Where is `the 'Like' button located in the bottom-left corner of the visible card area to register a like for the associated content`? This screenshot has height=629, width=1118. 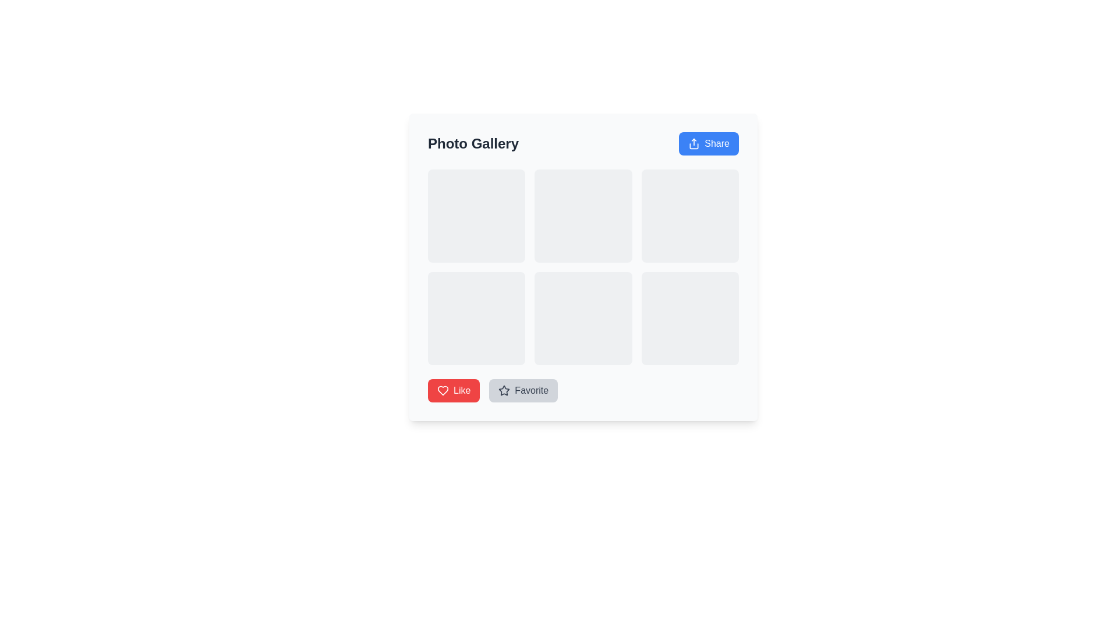
the 'Like' button located in the bottom-left corner of the visible card area to register a like for the associated content is located at coordinates (453, 391).